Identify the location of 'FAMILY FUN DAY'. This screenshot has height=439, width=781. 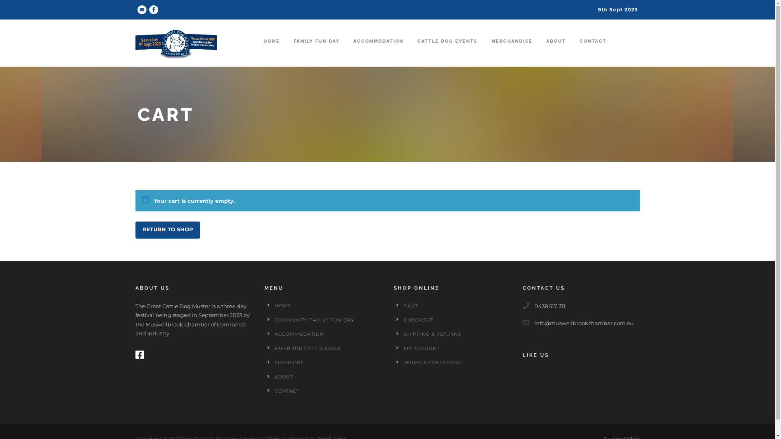
(316, 49).